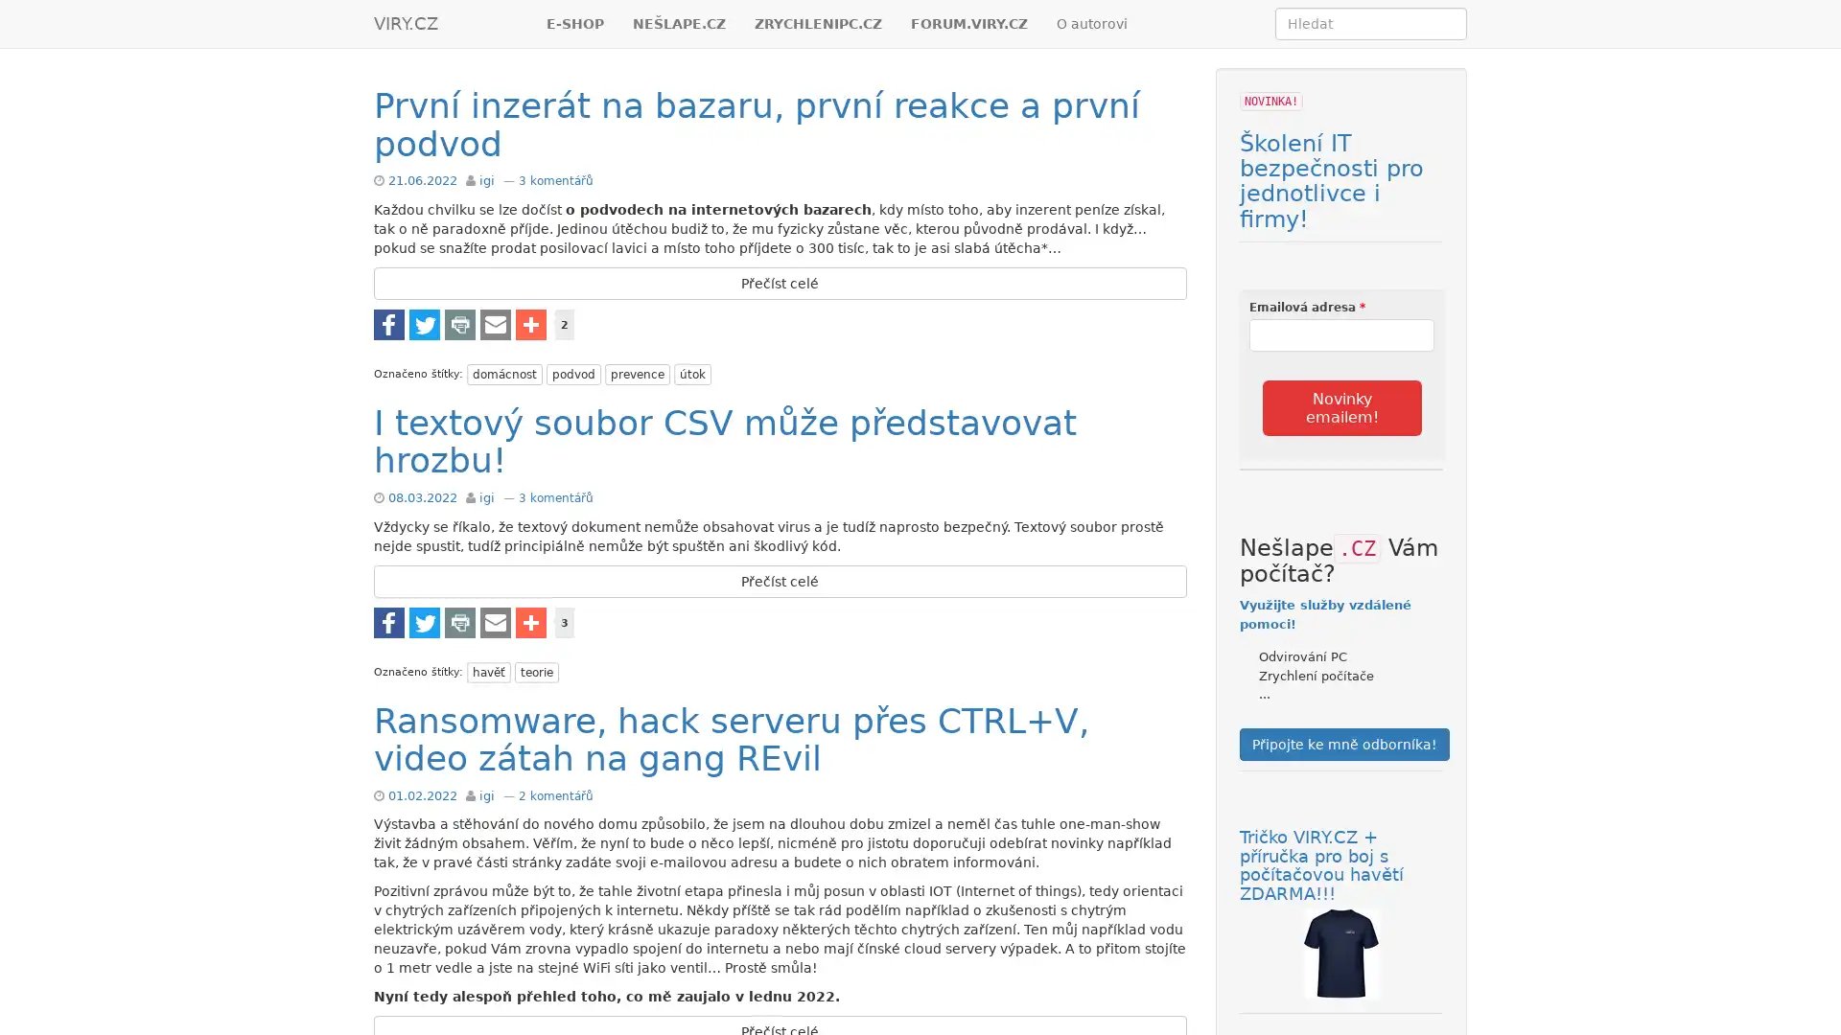  Describe the element at coordinates (1342, 742) in the screenshot. I see `Pripojte ke mne odbornika!` at that location.